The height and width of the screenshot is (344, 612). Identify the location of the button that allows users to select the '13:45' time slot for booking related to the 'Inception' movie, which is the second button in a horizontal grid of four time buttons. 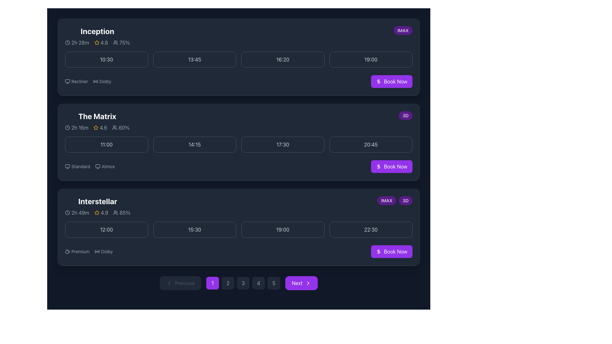
(194, 59).